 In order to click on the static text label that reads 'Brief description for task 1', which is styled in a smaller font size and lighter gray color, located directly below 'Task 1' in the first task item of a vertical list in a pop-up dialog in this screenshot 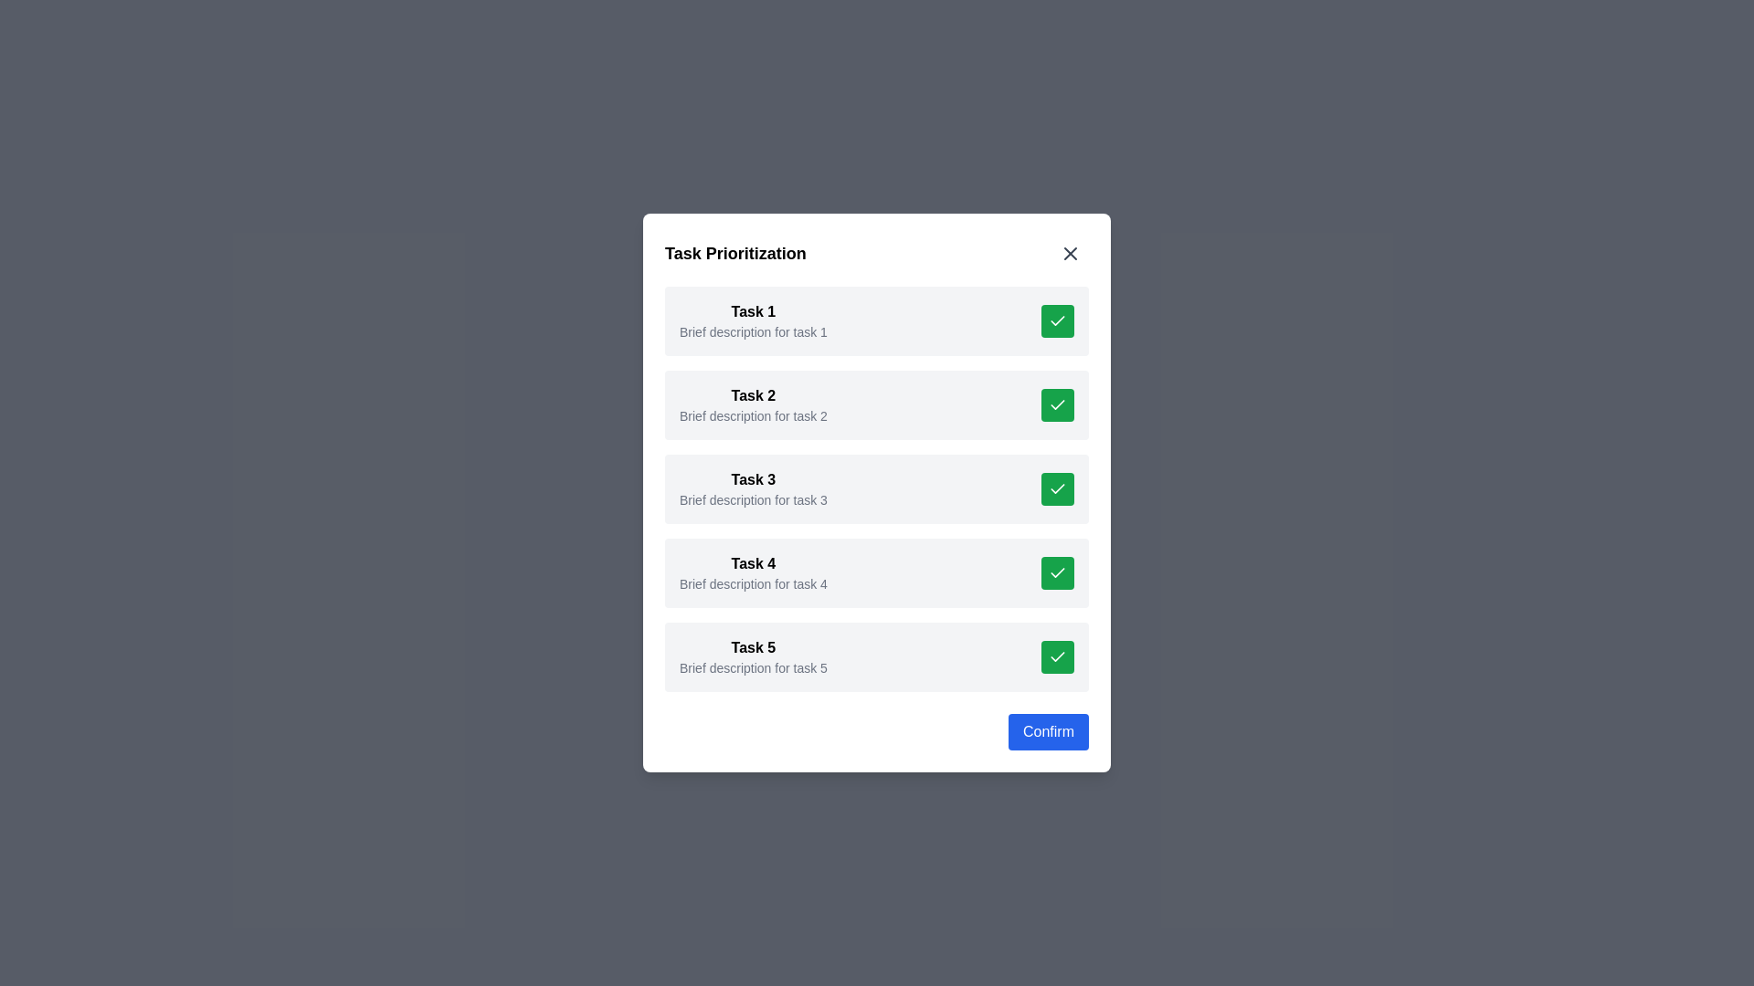, I will do `click(754, 331)`.